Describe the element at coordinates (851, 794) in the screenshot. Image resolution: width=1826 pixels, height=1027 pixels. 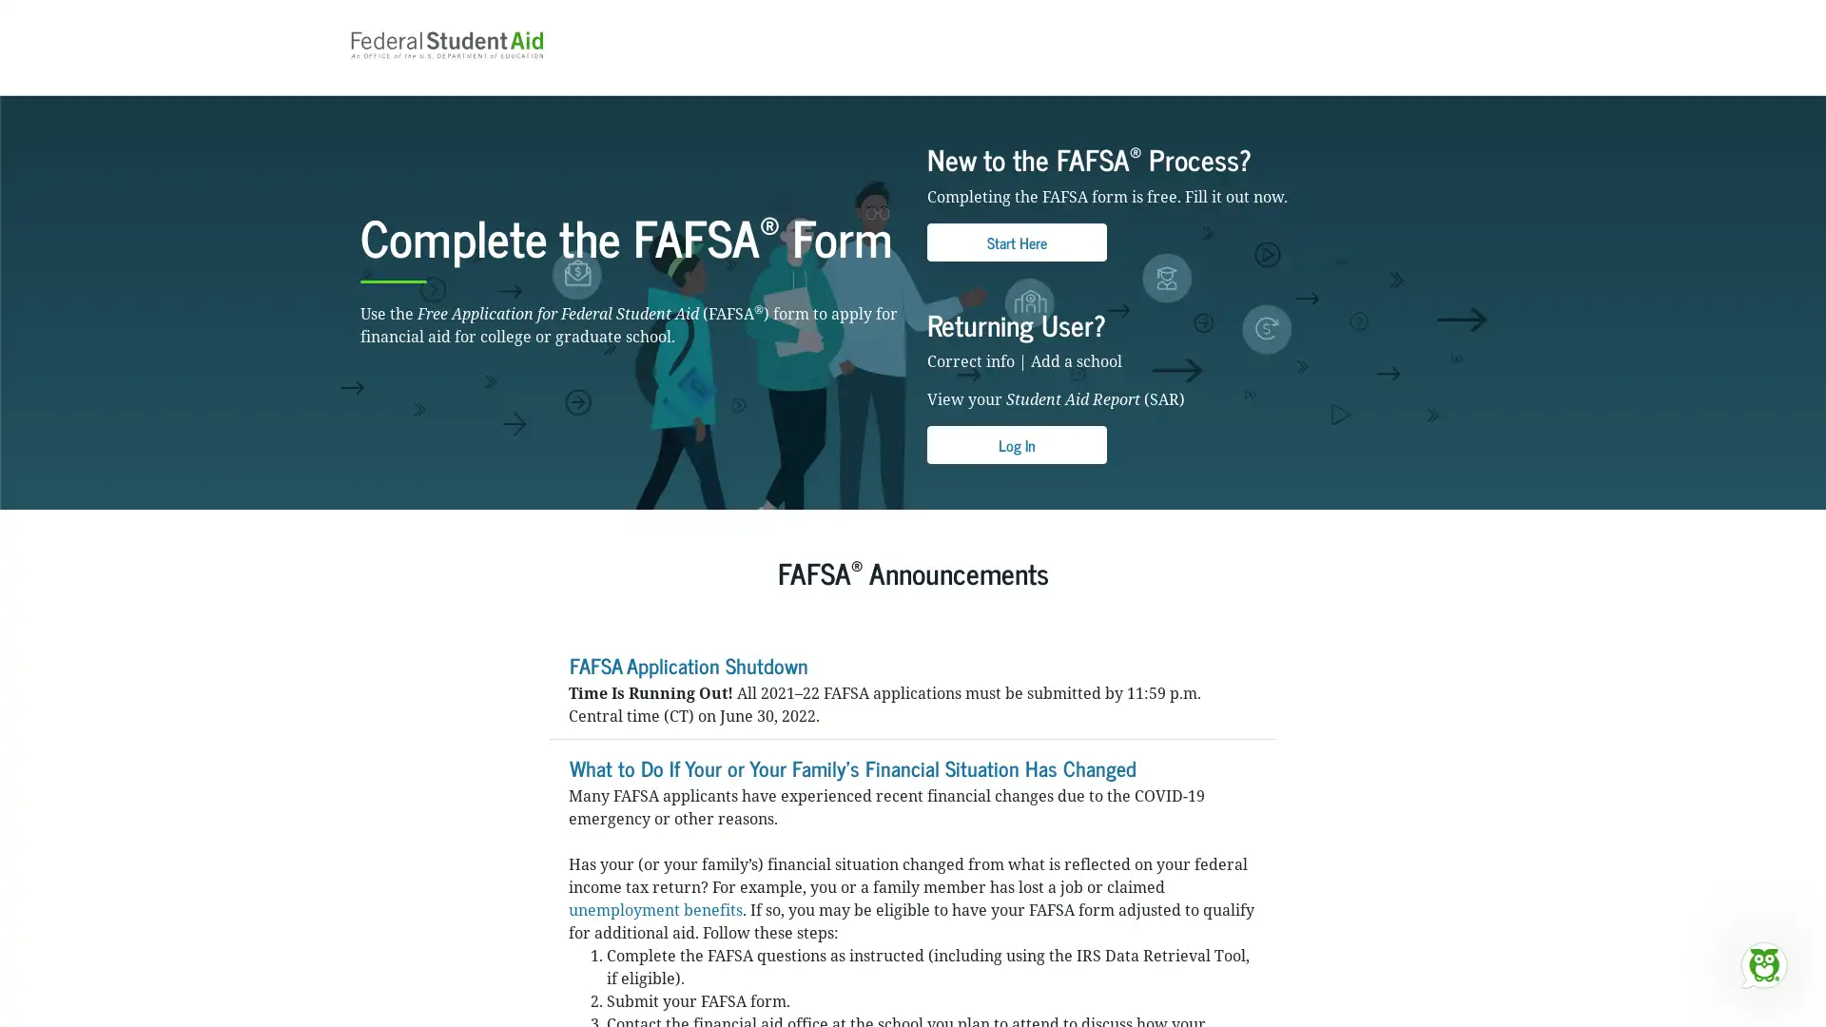
I see `What to Do If Your or Your Familys Financial Situation Has Changed` at that location.